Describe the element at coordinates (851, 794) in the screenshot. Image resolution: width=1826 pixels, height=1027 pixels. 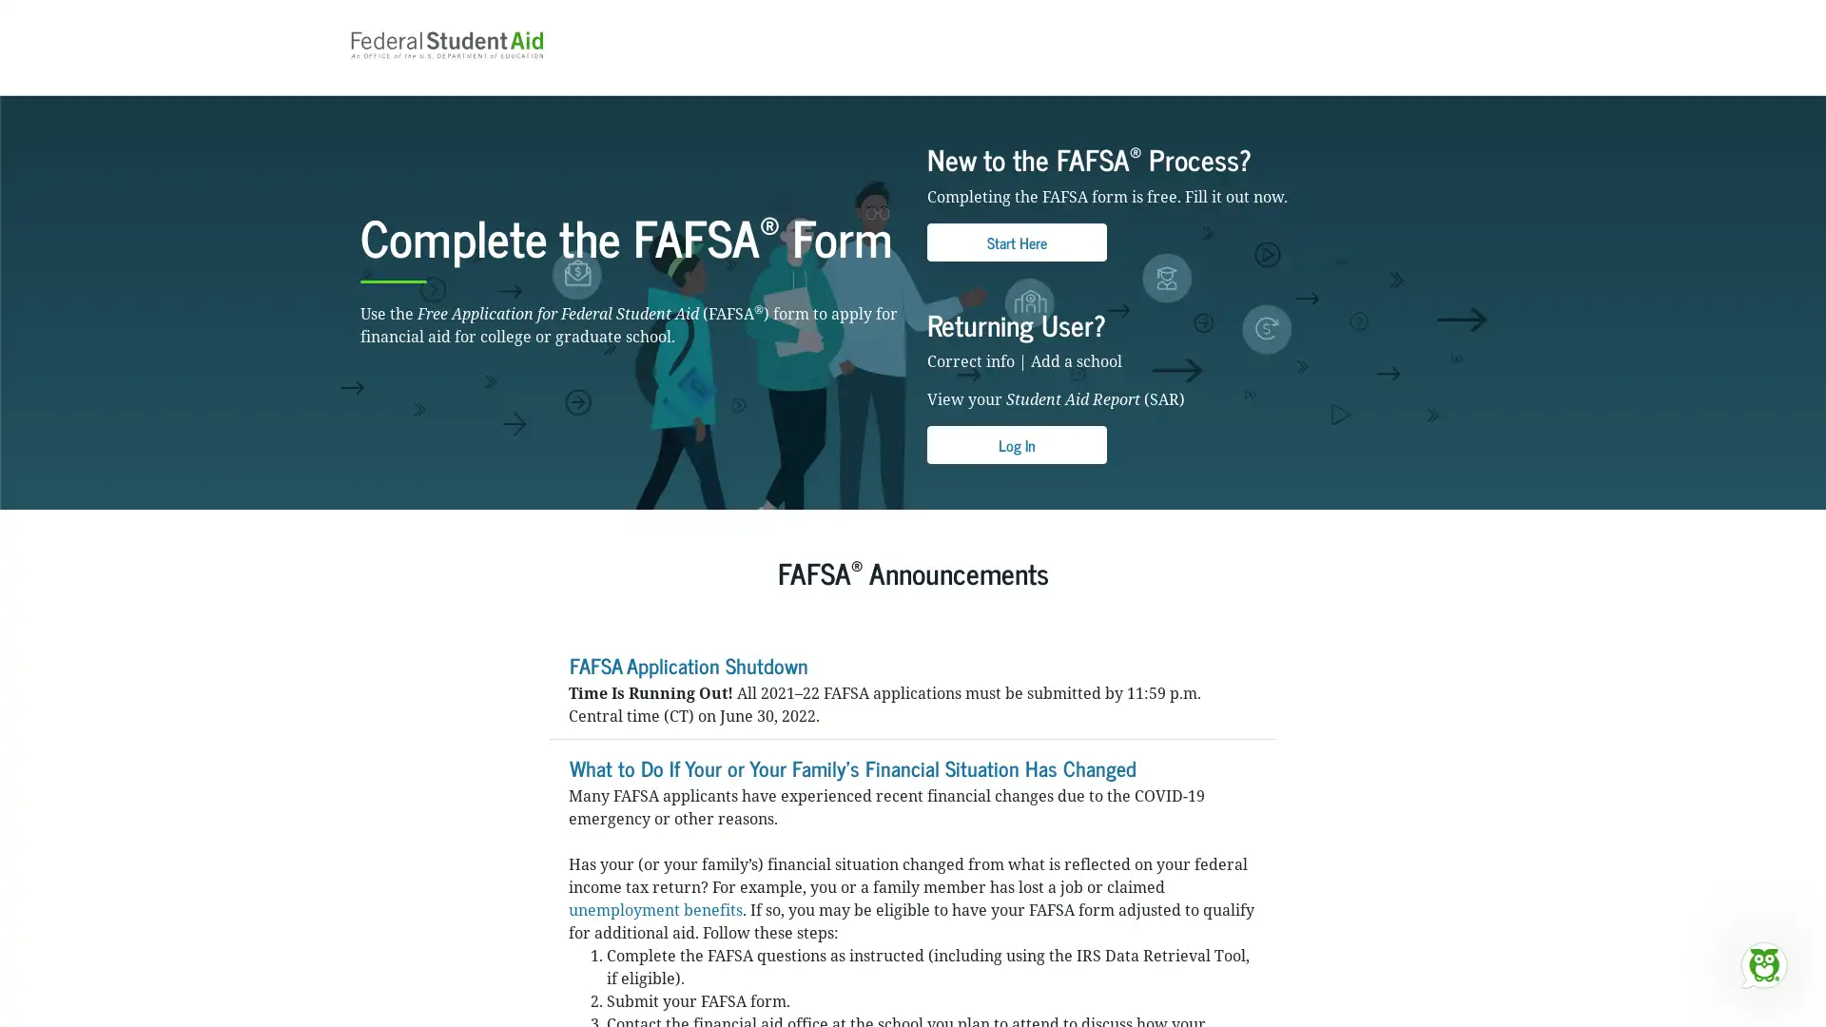
I see `What to Do If Your or Your Familys Financial Situation Has Changed` at that location.